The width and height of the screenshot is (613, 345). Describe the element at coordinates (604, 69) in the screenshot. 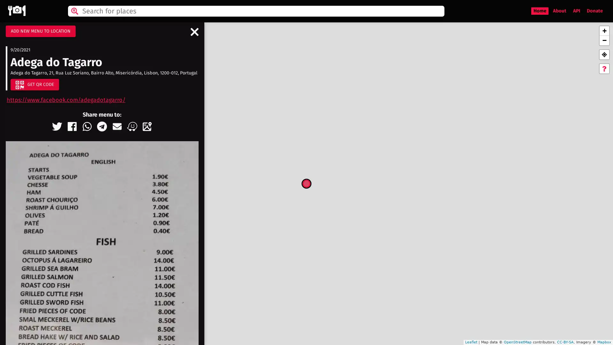

I see `Help tutorial` at that location.